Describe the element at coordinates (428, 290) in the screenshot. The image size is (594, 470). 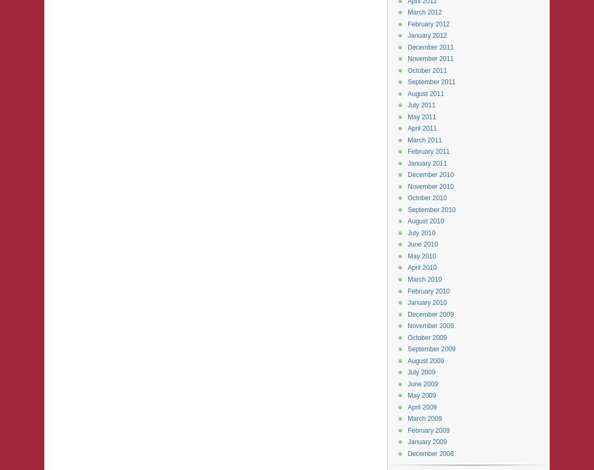
I see `'February 2010'` at that location.